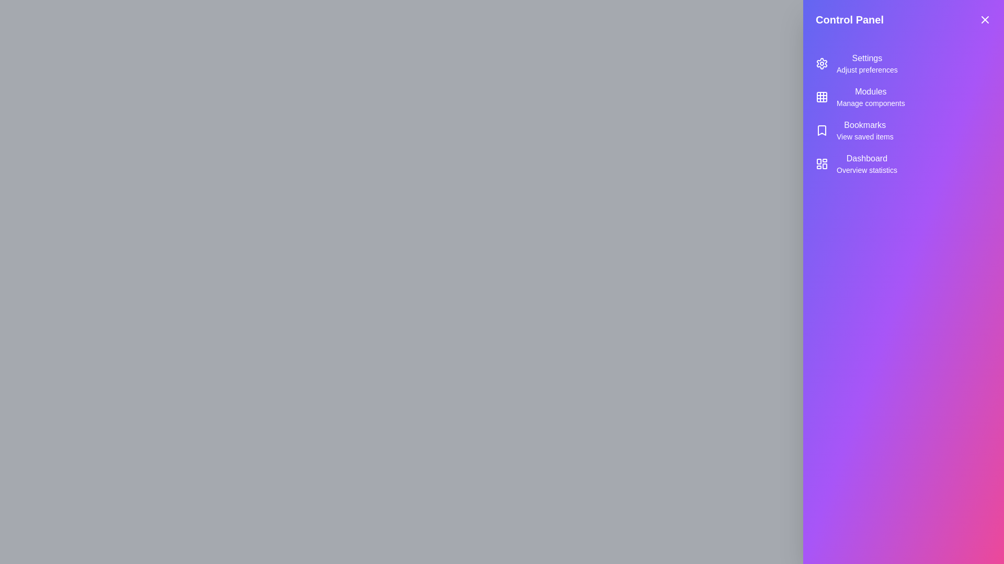 The image size is (1004, 564). What do you see at coordinates (821, 97) in the screenshot?
I see `the grid icon representing the 'Modules' section, located to the left of the 'Modules' text entry in the Control Panel interface` at bounding box center [821, 97].